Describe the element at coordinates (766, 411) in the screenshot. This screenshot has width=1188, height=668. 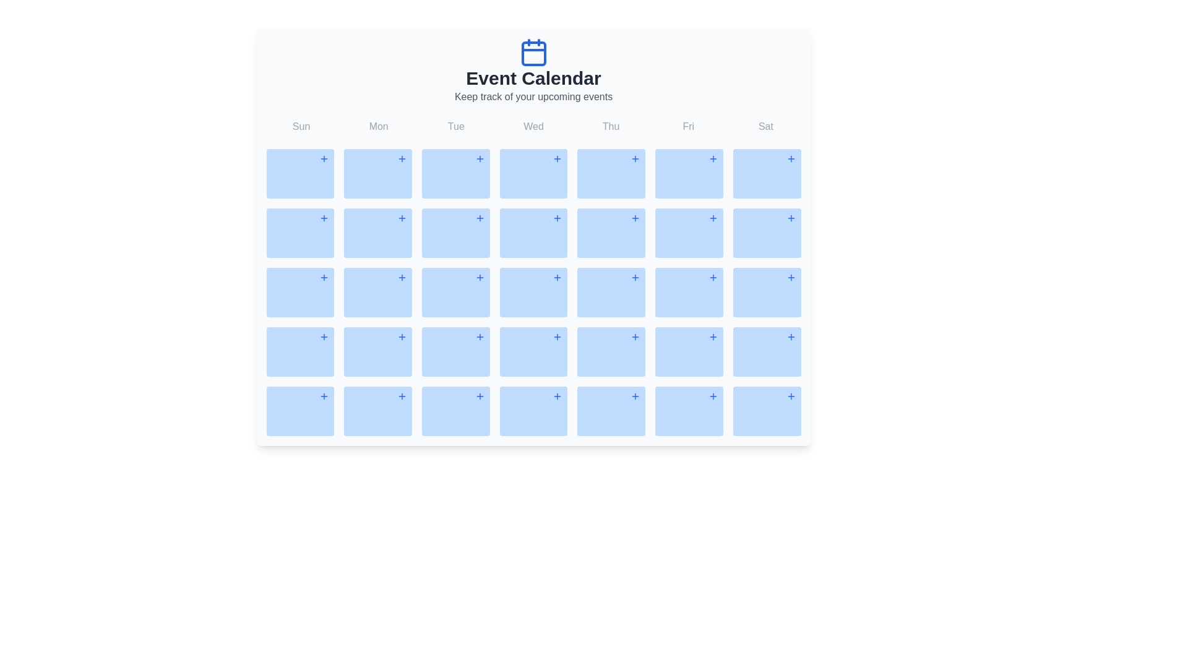
I see `the interactive placeholder with a light blue background and a blue '+' symbol located` at that location.